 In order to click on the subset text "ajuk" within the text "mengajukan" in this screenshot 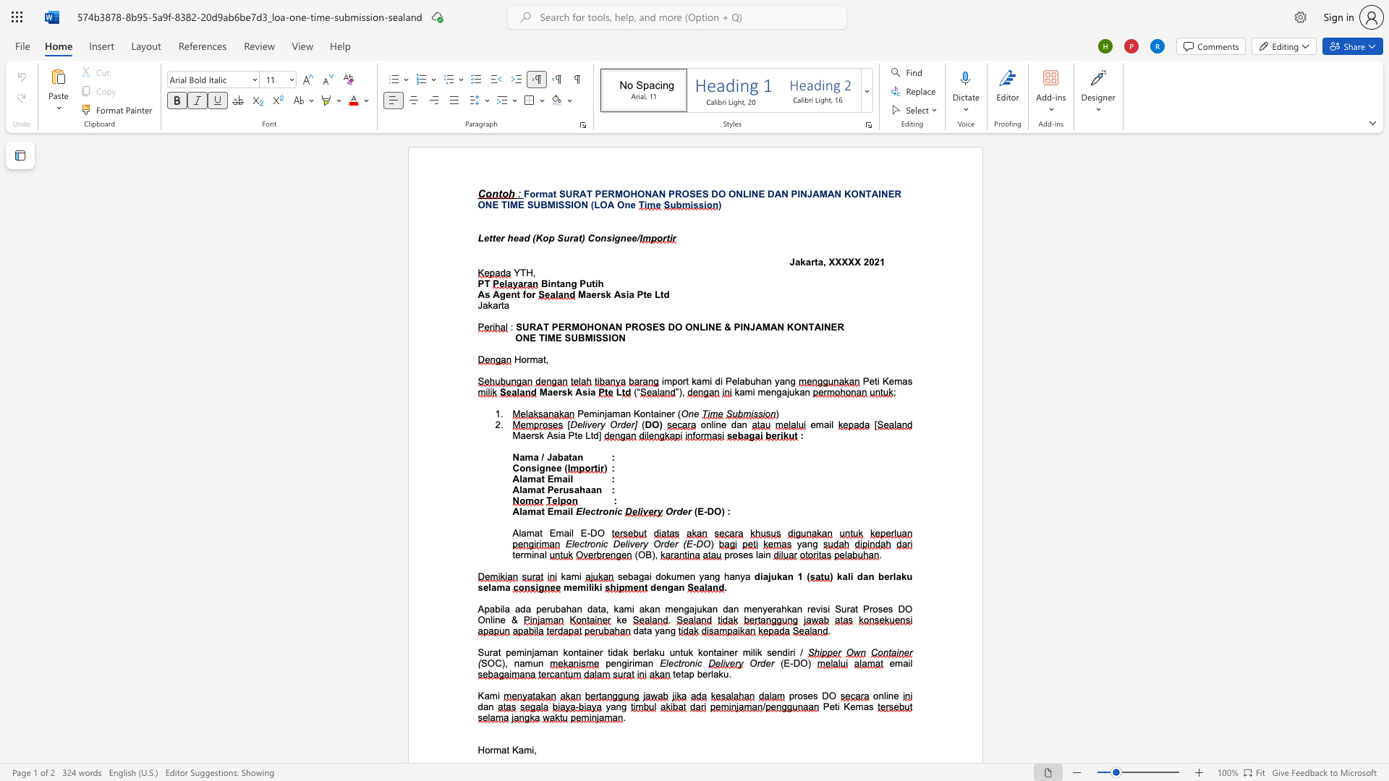, I will do `click(781, 392)`.